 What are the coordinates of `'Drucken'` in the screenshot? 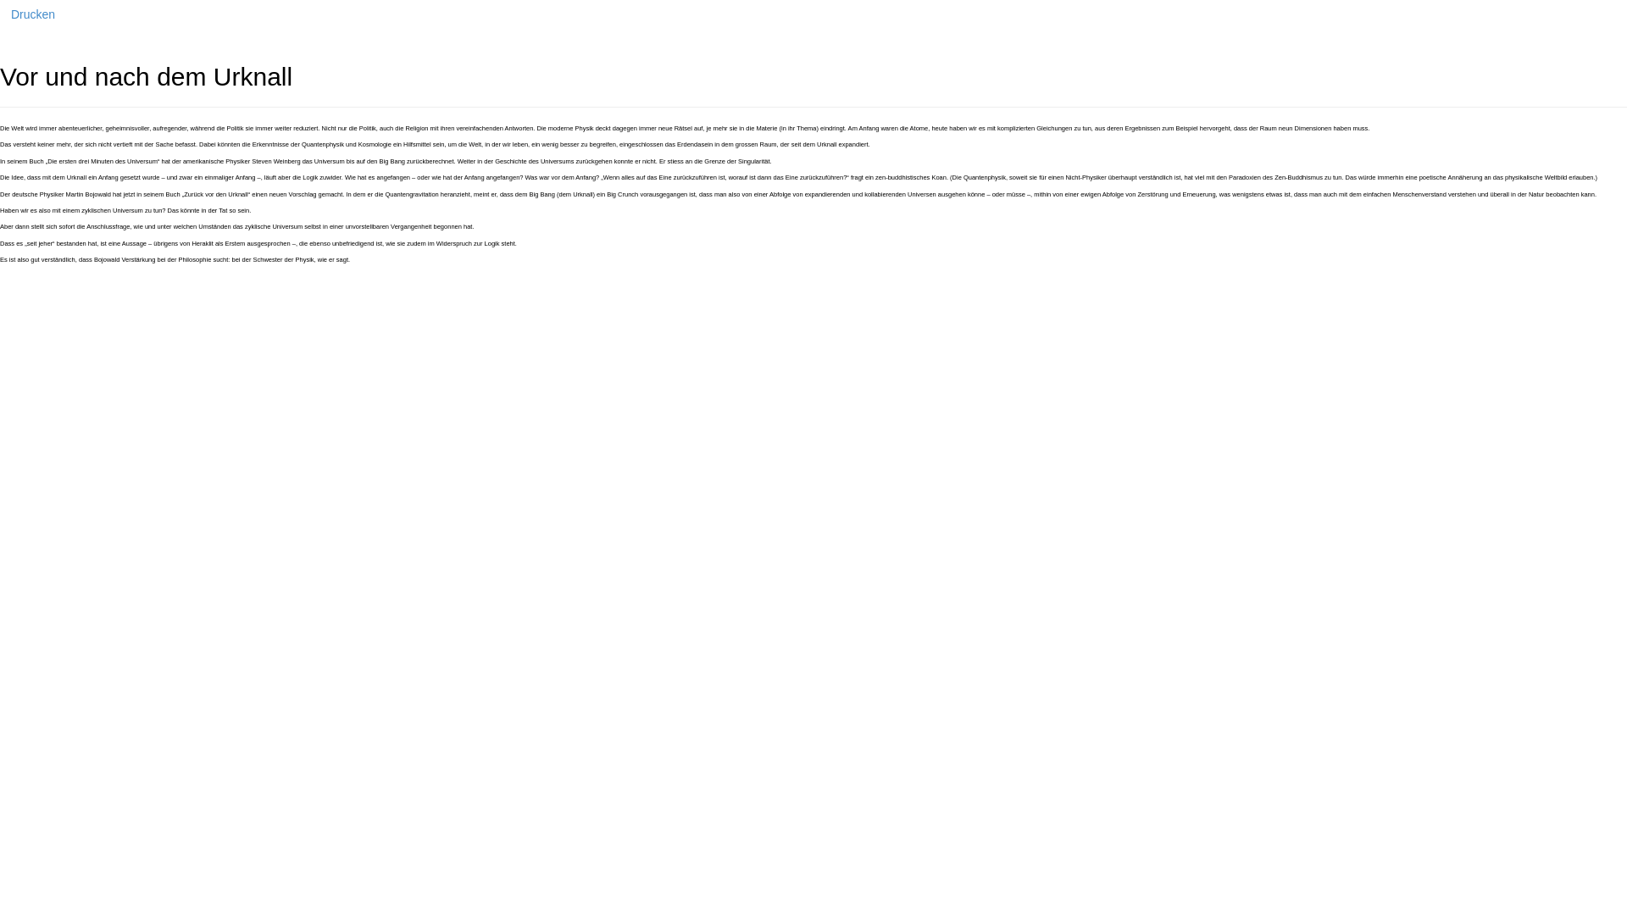 It's located at (32, 14).